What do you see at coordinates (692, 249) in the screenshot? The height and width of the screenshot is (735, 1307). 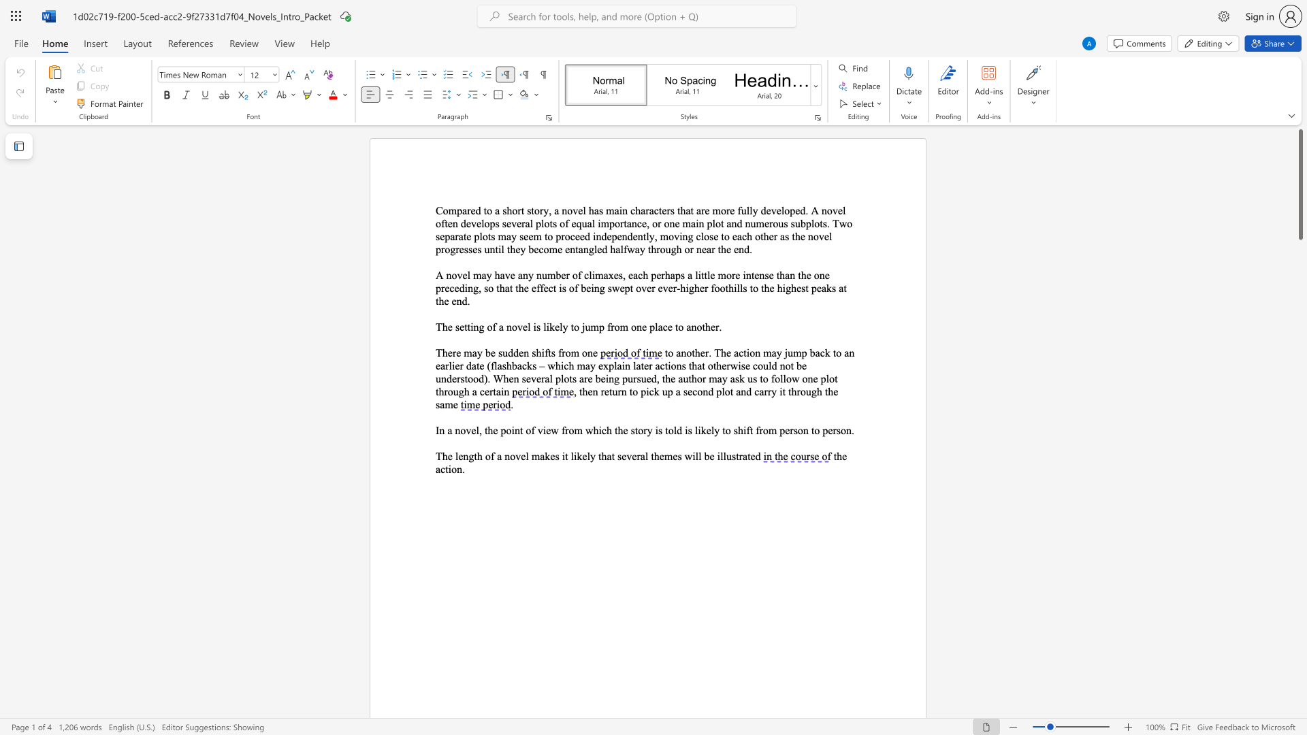 I see `the 5th character "r" in the text` at bounding box center [692, 249].